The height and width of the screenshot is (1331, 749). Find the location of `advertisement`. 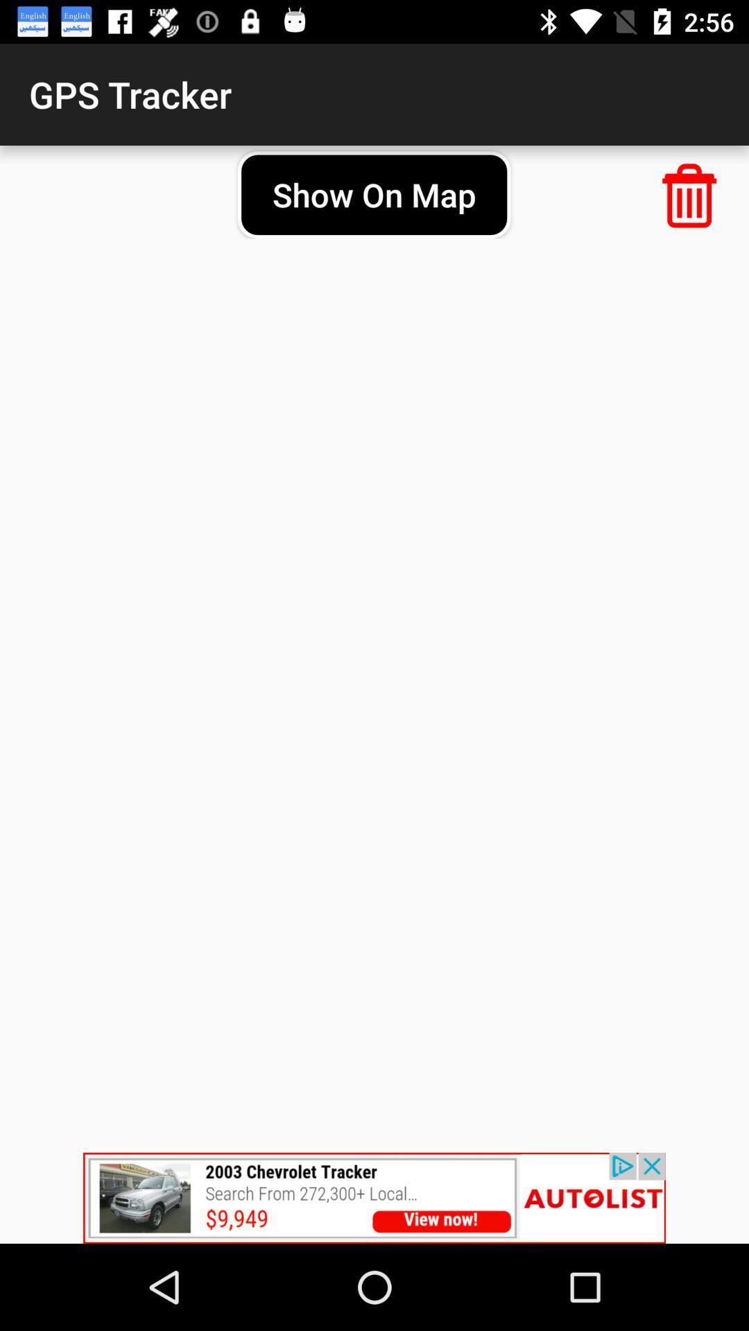

advertisement is located at coordinates (374, 1197).